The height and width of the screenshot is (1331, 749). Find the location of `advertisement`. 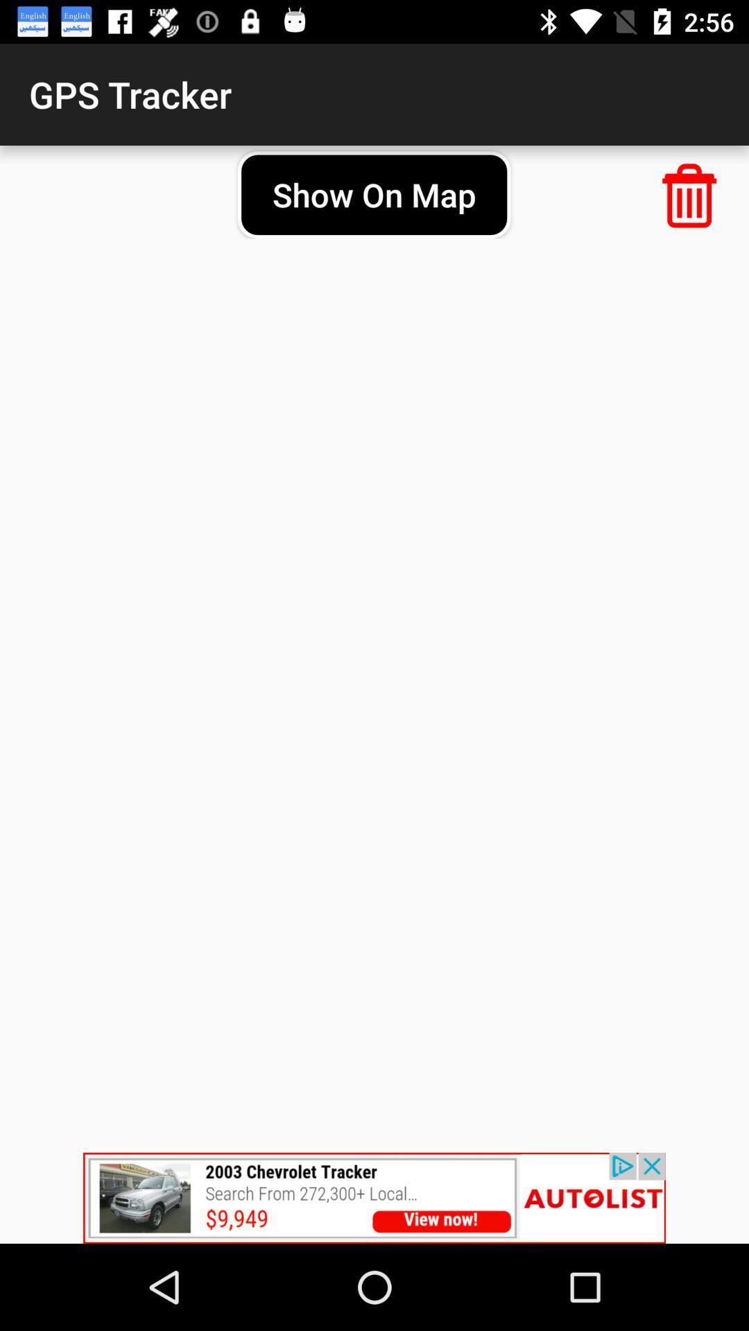

advertisement is located at coordinates (374, 1197).